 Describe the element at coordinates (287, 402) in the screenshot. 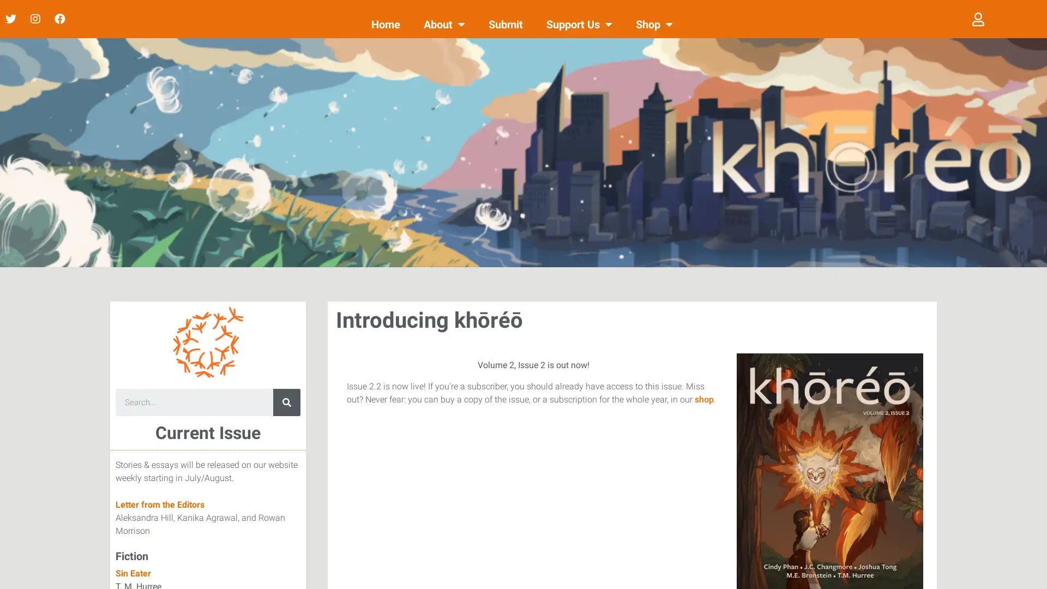

I see `Search` at that location.